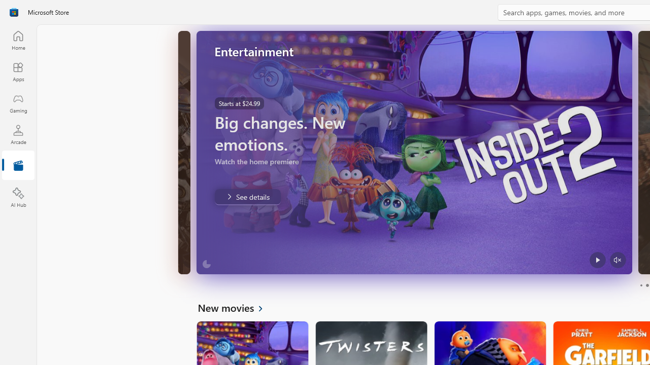  I want to click on 'See all  New movies', so click(236, 307).